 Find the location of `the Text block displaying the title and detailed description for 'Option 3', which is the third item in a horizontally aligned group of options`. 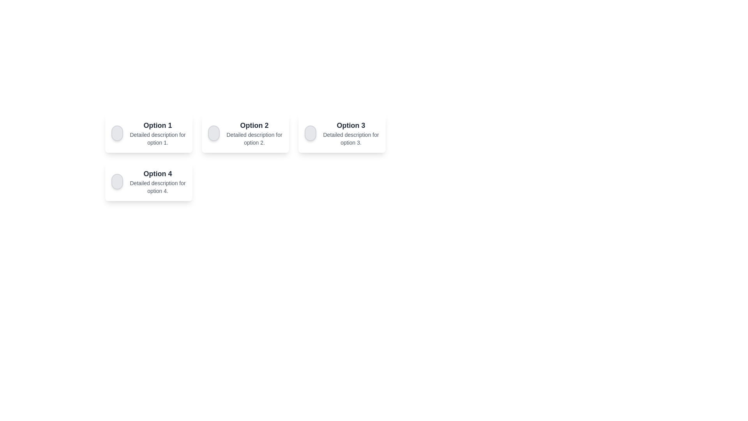

the Text block displaying the title and detailed description for 'Option 3', which is the third item in a horizontally aligned group of options is located at coordinates (342, 133).